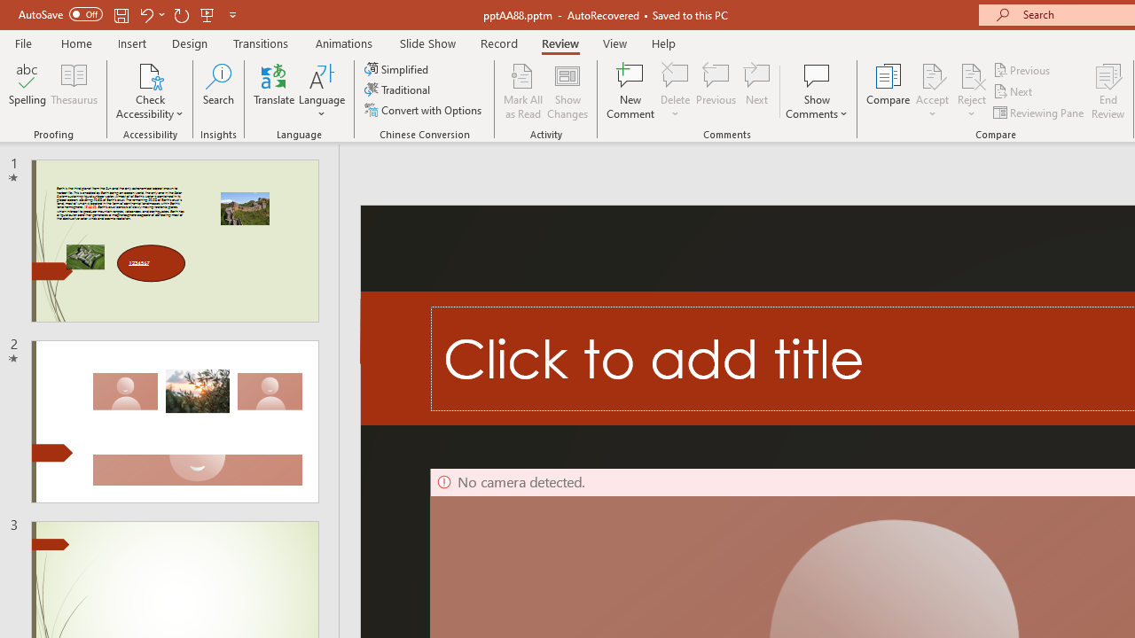 The width and height of the screenshot is (1135, 638). Describe the element at coordinates (931, 74) in the screenshot. I see `'Accept Change'` at that location.